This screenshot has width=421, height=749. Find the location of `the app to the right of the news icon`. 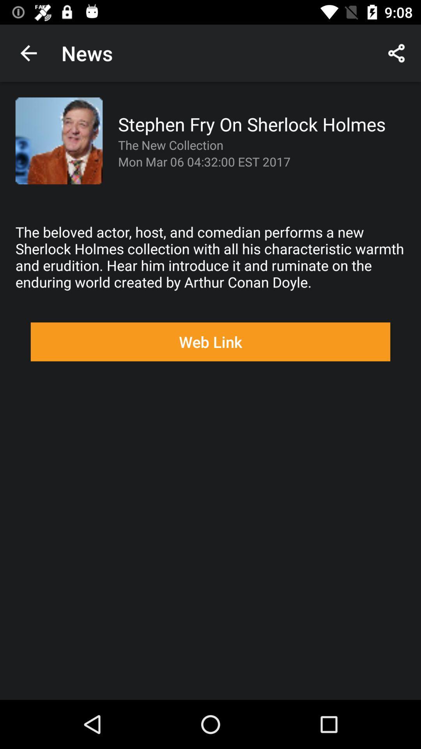

the app to the right of the news icon is located at coordinates (396, 53).